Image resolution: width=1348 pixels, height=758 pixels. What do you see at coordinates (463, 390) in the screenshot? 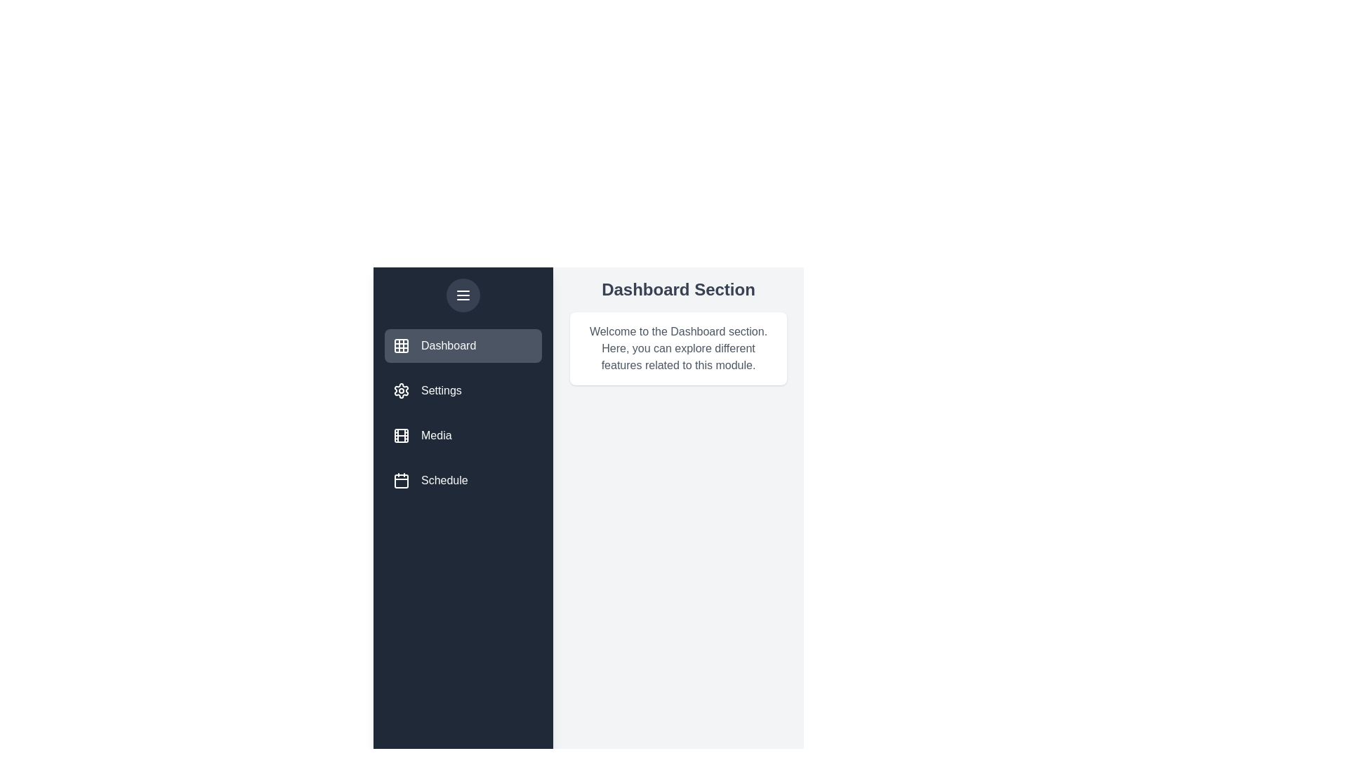
I see `the menu item Settings` at bounding box center [463, 390].